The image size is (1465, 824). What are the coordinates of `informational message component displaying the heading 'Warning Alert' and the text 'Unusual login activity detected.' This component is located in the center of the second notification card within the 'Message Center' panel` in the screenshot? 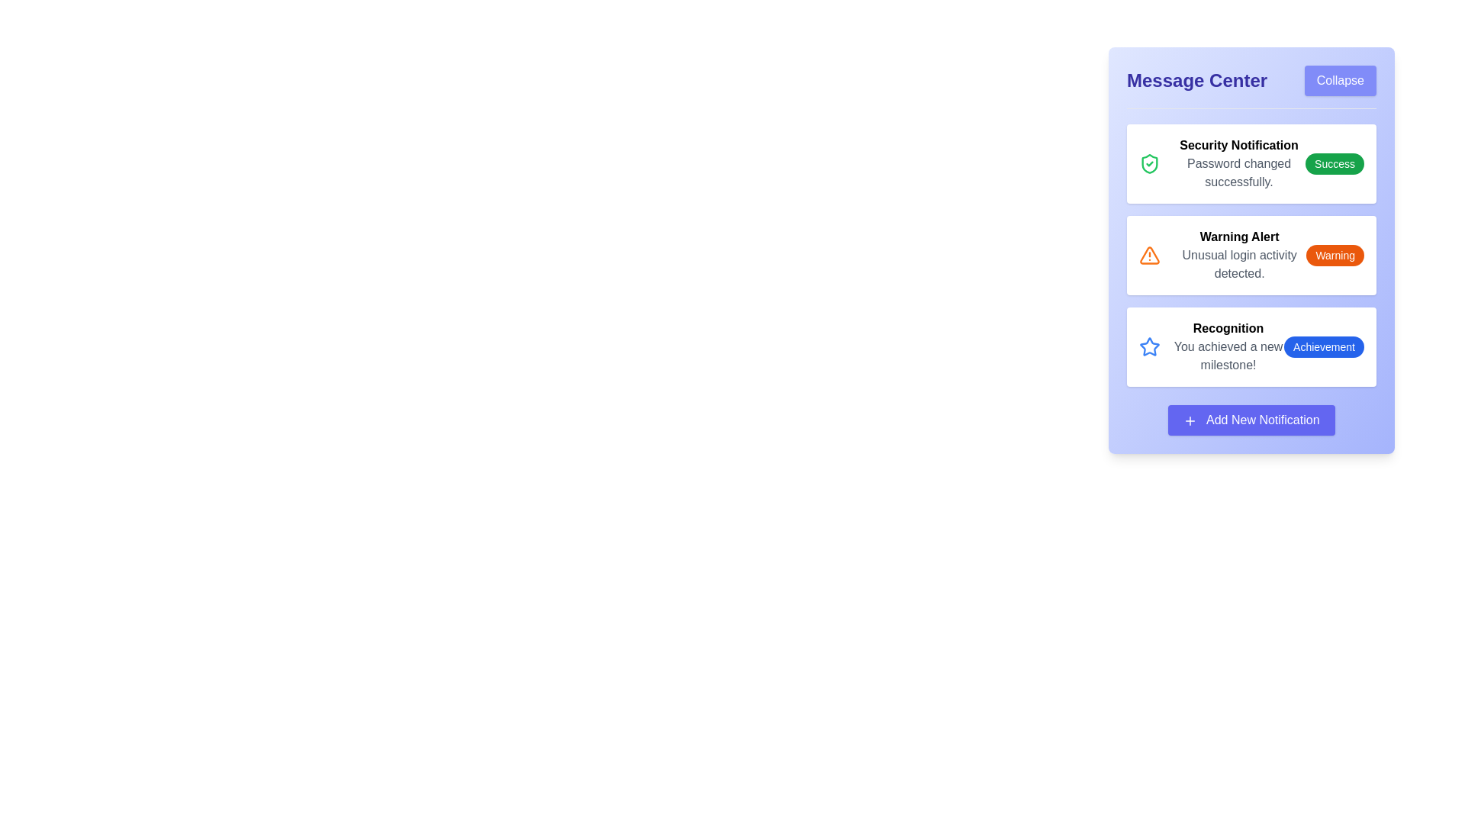 It's located at (1239, 255).